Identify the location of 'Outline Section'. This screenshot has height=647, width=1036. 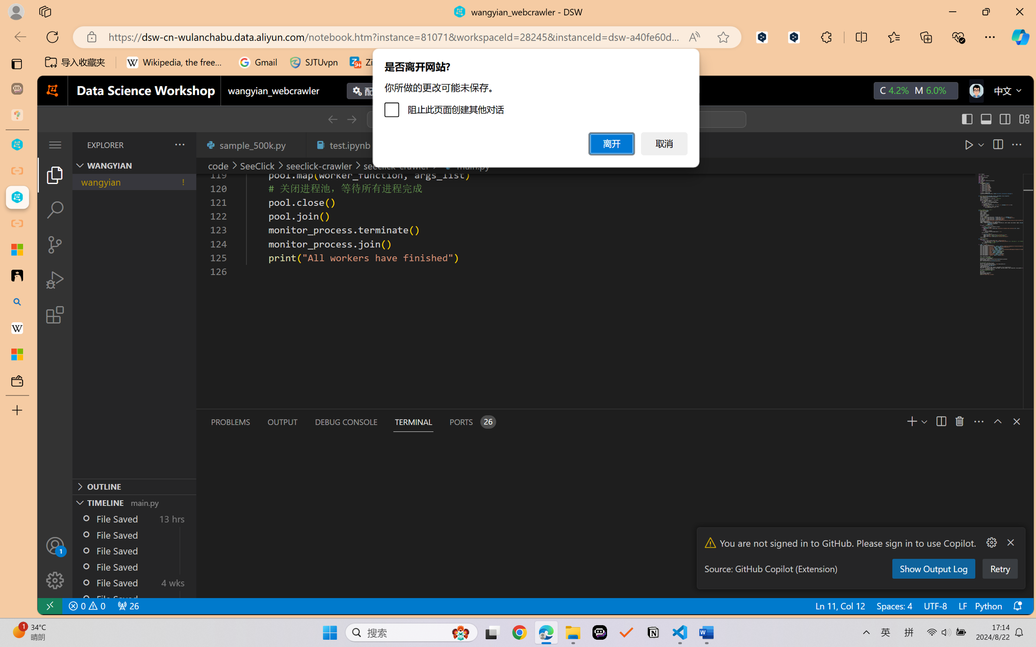
(134, 486).